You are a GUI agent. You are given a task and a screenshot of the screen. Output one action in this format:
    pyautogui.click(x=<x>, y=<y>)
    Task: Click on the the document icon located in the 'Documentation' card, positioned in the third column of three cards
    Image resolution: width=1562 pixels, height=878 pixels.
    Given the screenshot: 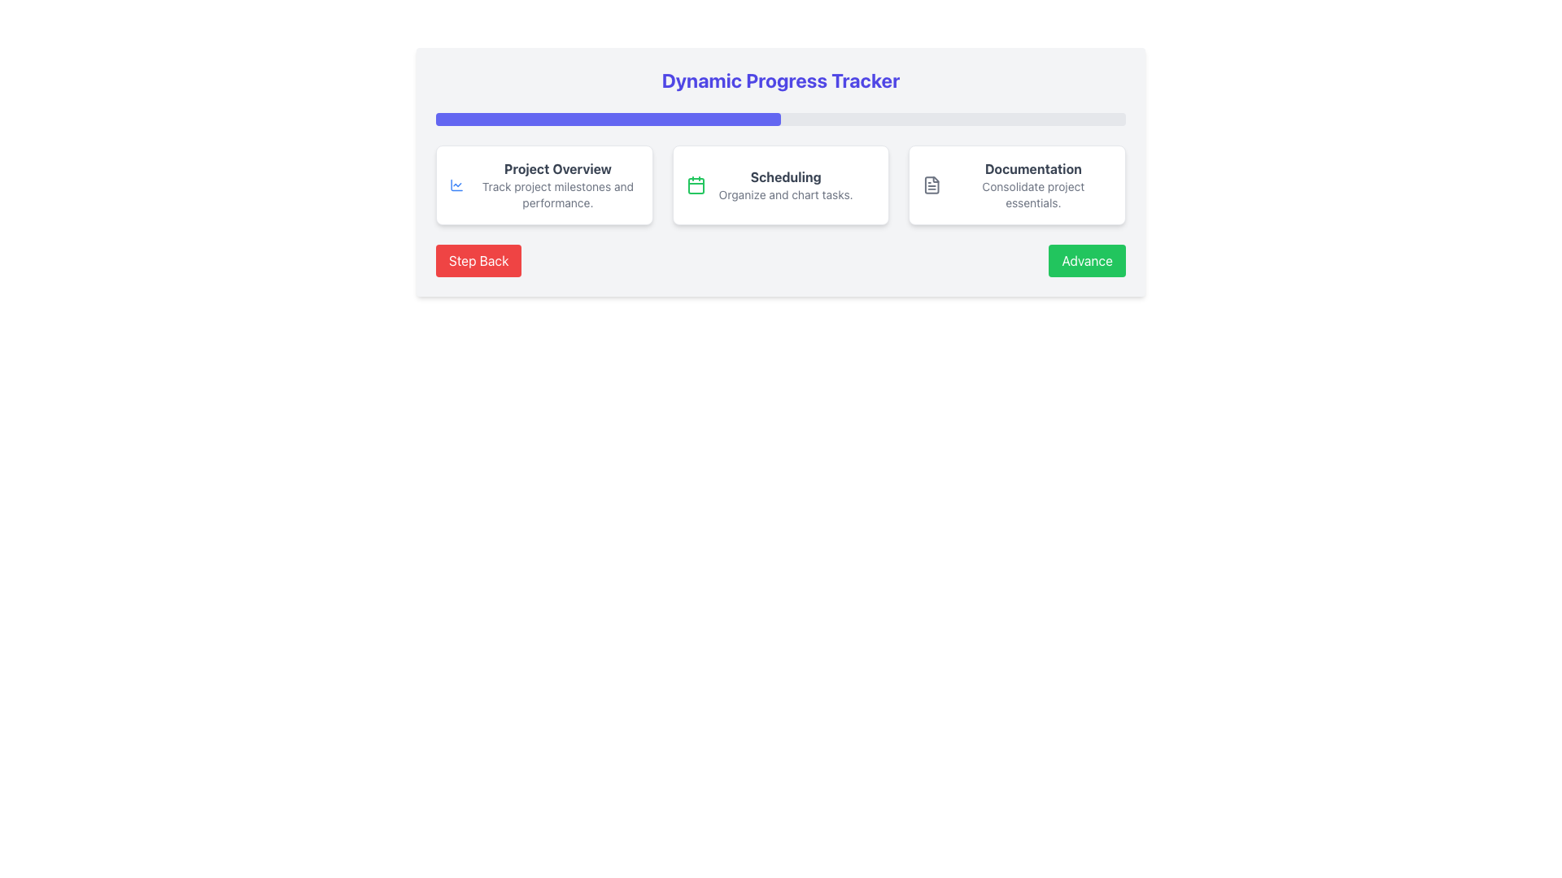 What is the action you would take?
    pyautogui.click(x=932, y=184)
    